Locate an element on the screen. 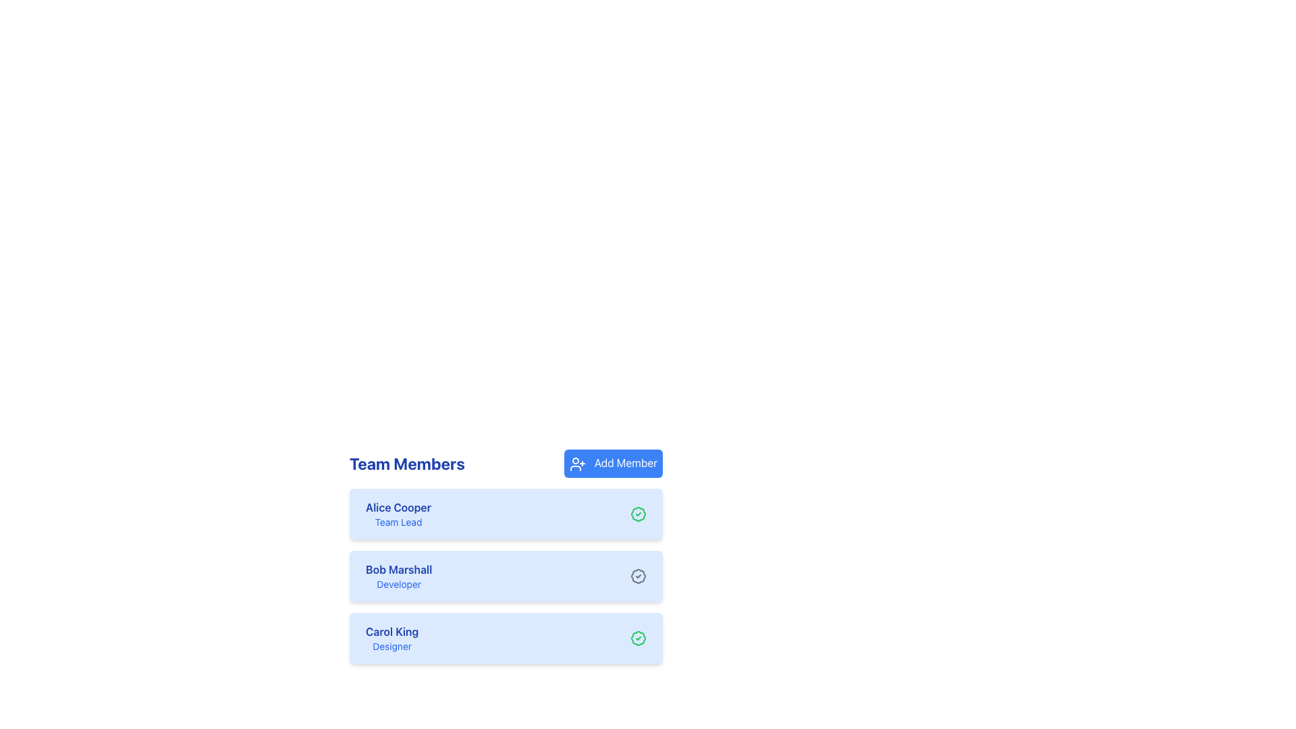 The image size is (1296, 729). information displayed for the team member 'Alice Cooper', who is the Team Lead, shown in bold blue text within a light-blue rounded block is located at coordinates (398, 514).